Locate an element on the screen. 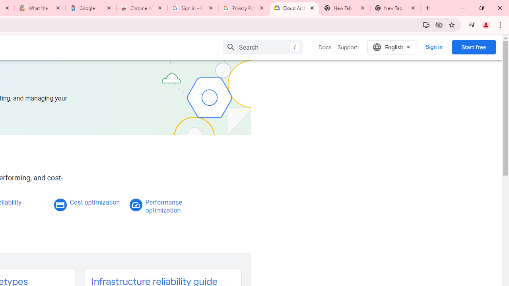 The width and height of the screenshot is (509, 286). 'Performance optimization' is located at coordinates (163, 206).